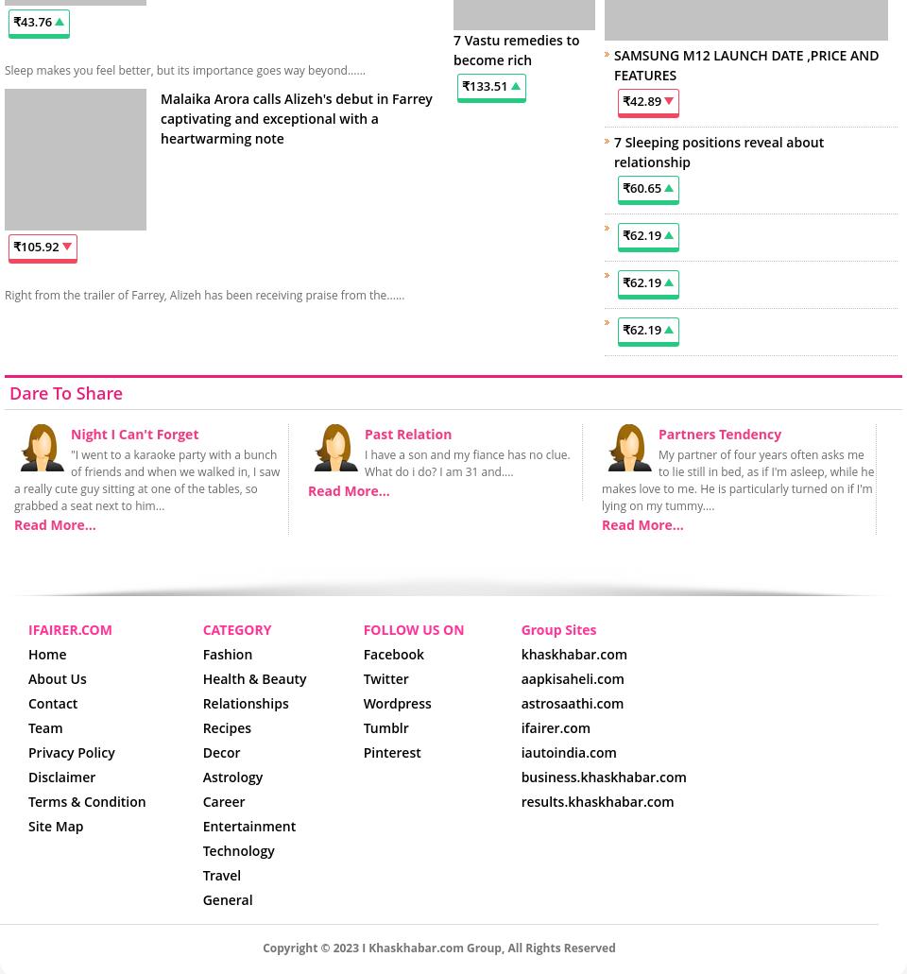  Describe the element at coordinates (227, 726) in the screenshot. I see `'Recipes'` at that location.